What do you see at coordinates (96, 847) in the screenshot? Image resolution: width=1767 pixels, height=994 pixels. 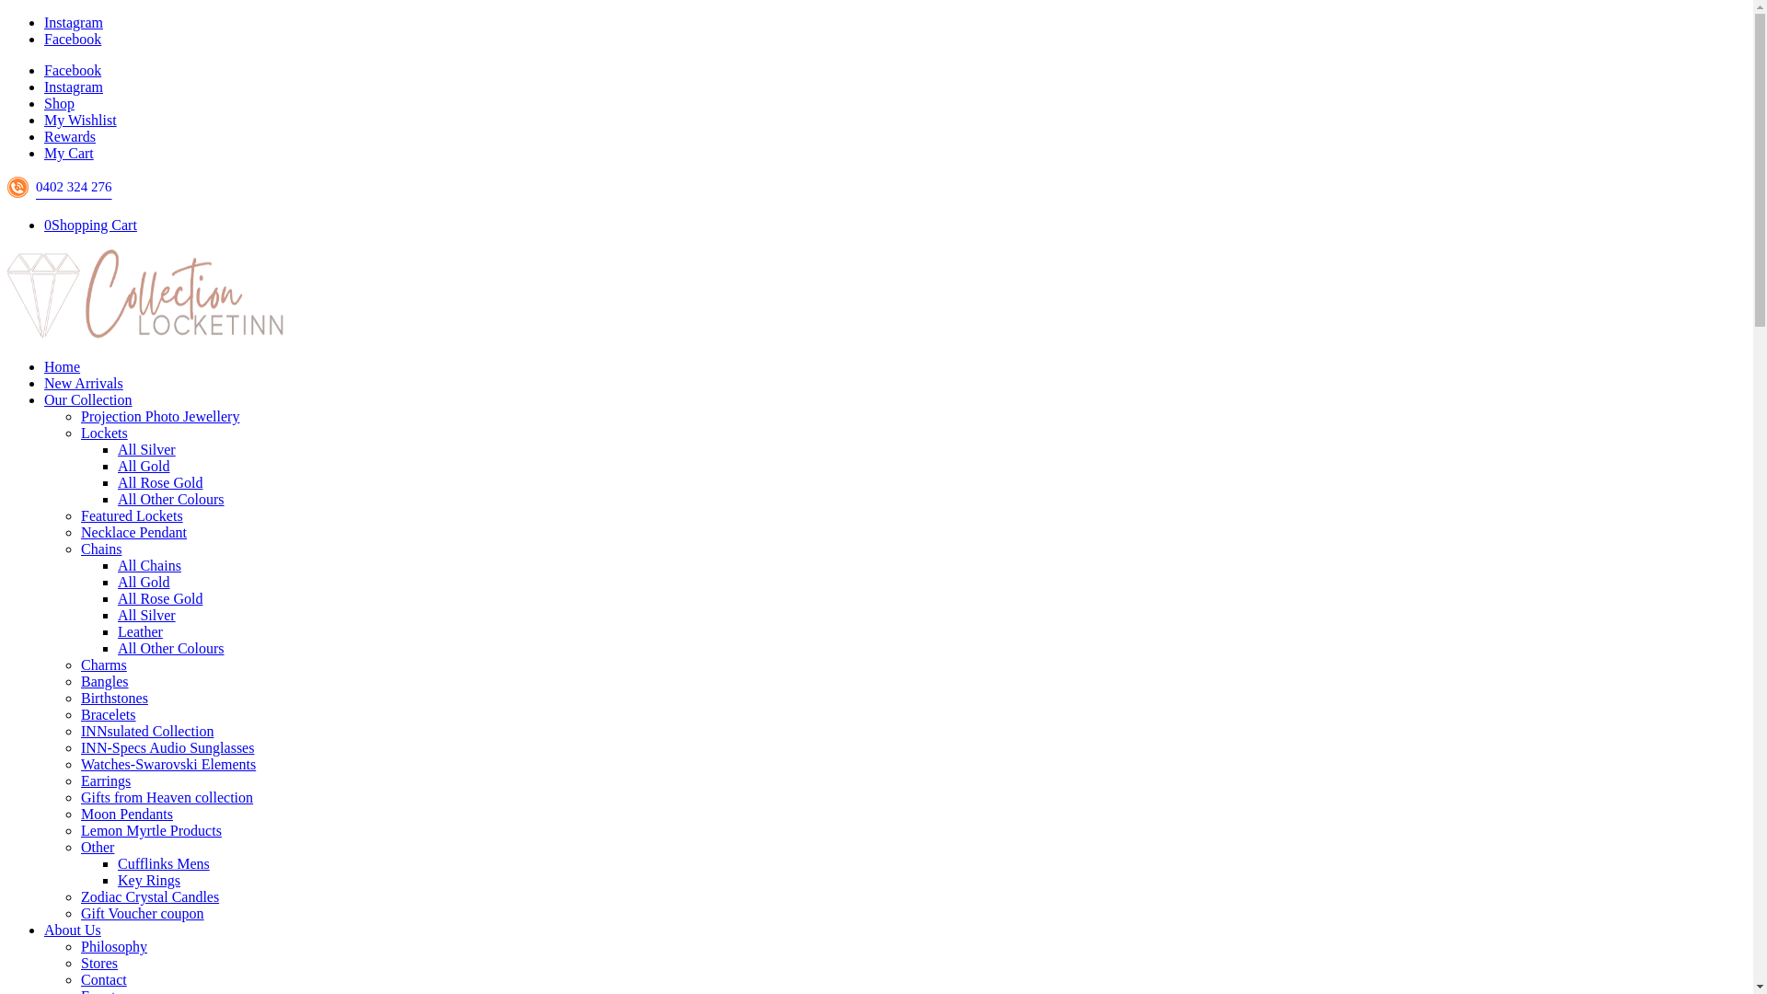 I see `'Other'` at bounding box center [96, 847].